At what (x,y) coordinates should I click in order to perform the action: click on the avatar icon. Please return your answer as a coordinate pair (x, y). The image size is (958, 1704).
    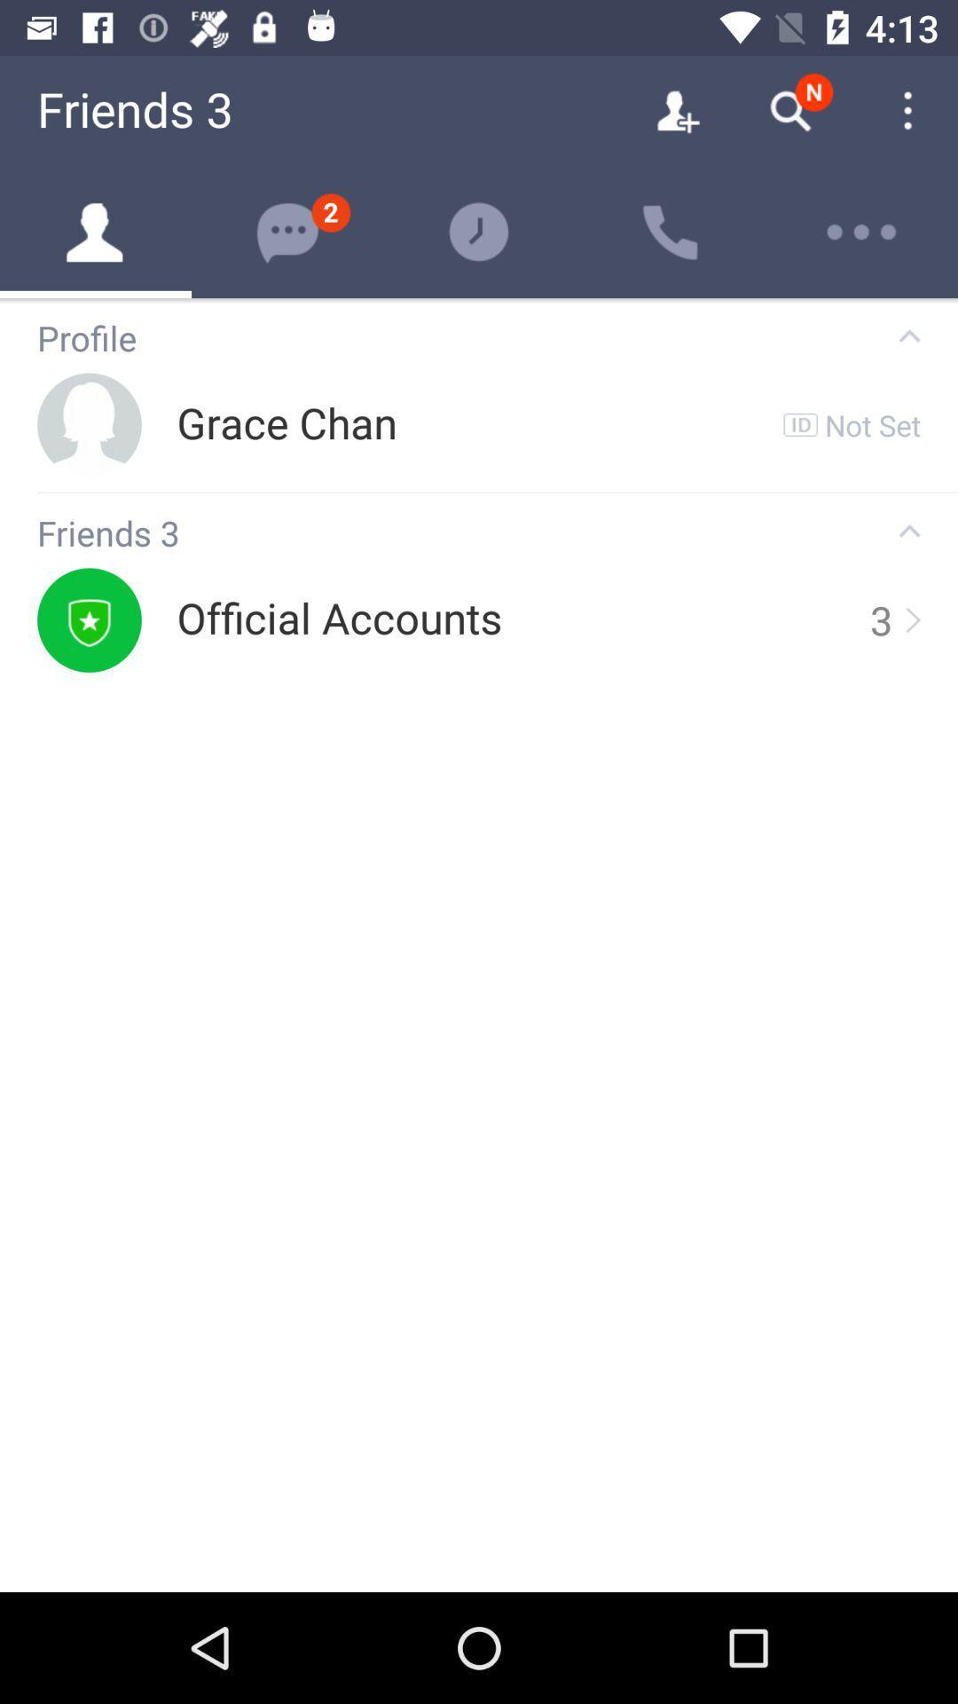
    Looking at the image, I should click on (96, 232).